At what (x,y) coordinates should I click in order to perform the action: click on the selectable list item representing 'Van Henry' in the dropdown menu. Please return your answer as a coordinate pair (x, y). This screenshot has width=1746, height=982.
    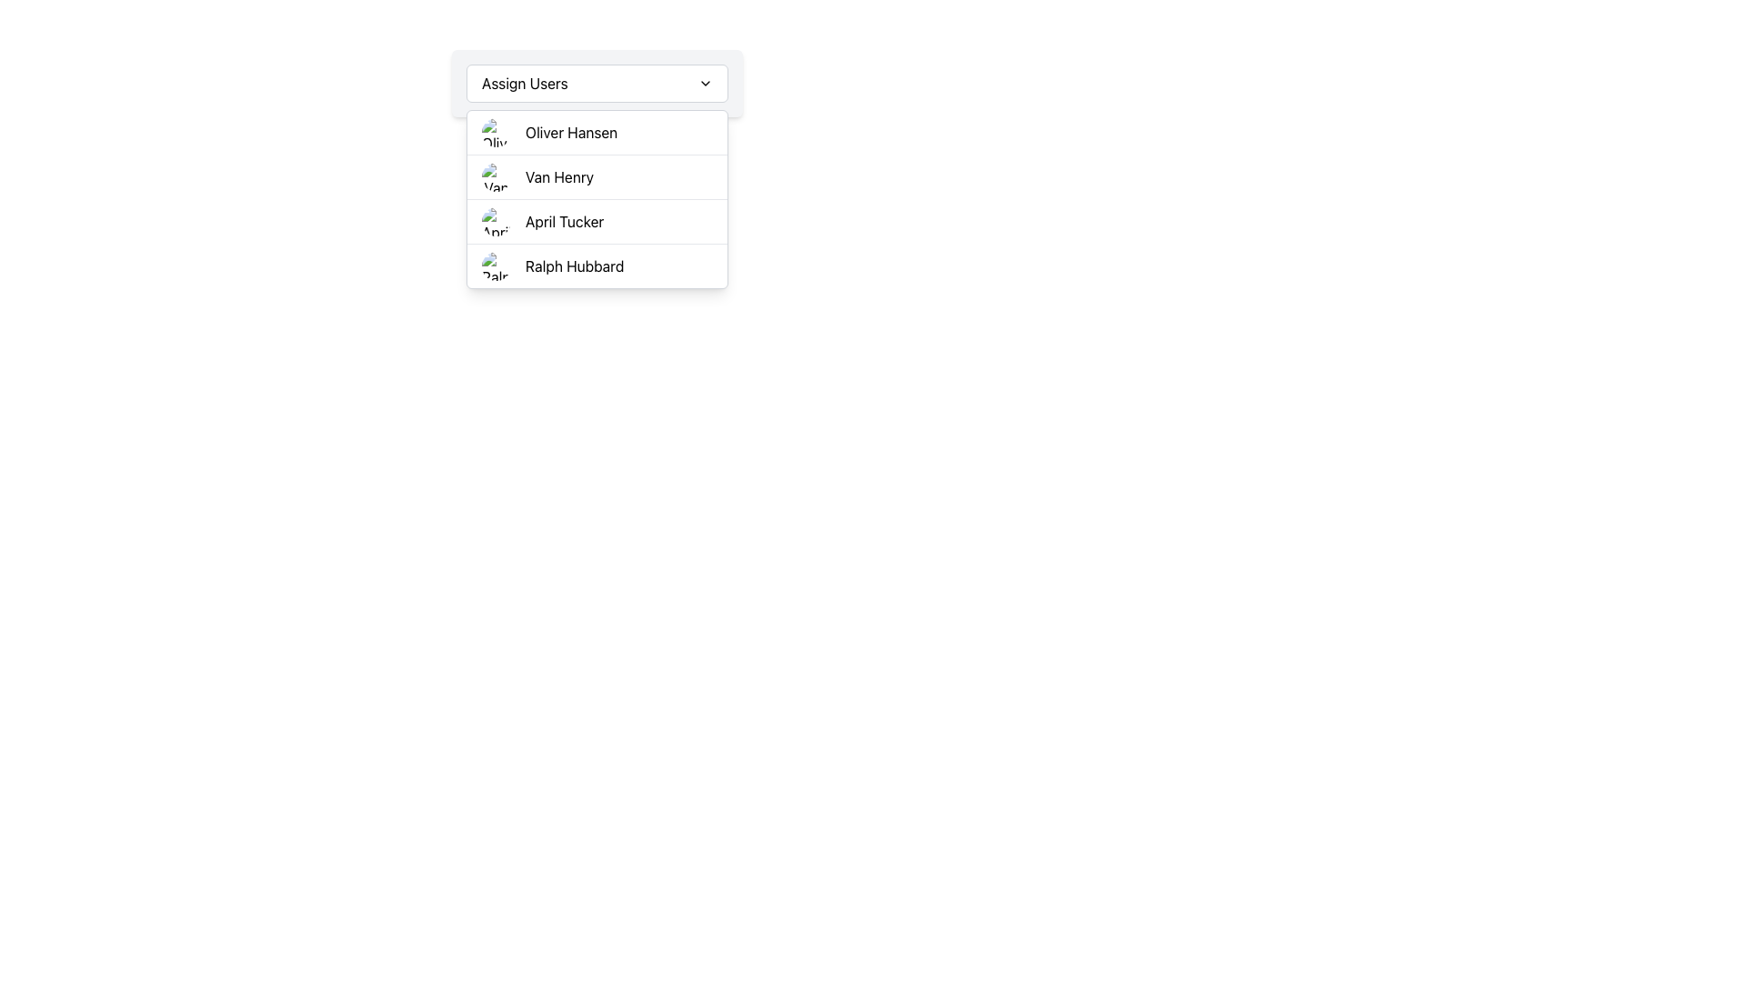
    Looking at the image, I should click on (597, 175).